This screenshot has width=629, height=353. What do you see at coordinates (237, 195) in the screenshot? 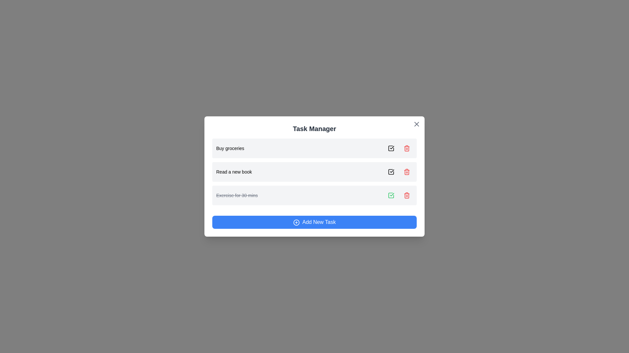
I see `the text label that displays a completed task description, which is styled with a strikethrough and located in the third task entry of the 'Task Manager' interface` at bounding box center [237, 195].